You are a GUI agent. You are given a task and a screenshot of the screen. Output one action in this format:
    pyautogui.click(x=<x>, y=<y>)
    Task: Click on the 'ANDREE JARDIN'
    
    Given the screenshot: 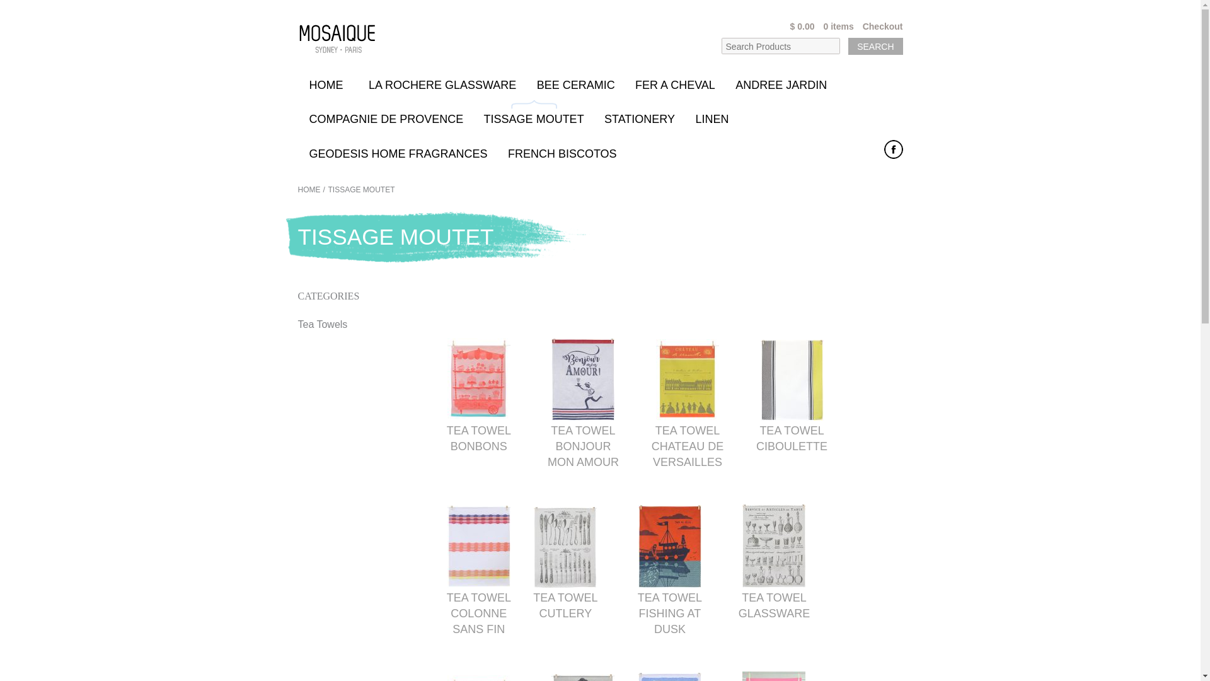 What is the action you would take?
    pyautogui.click(x=780, y=83)
    